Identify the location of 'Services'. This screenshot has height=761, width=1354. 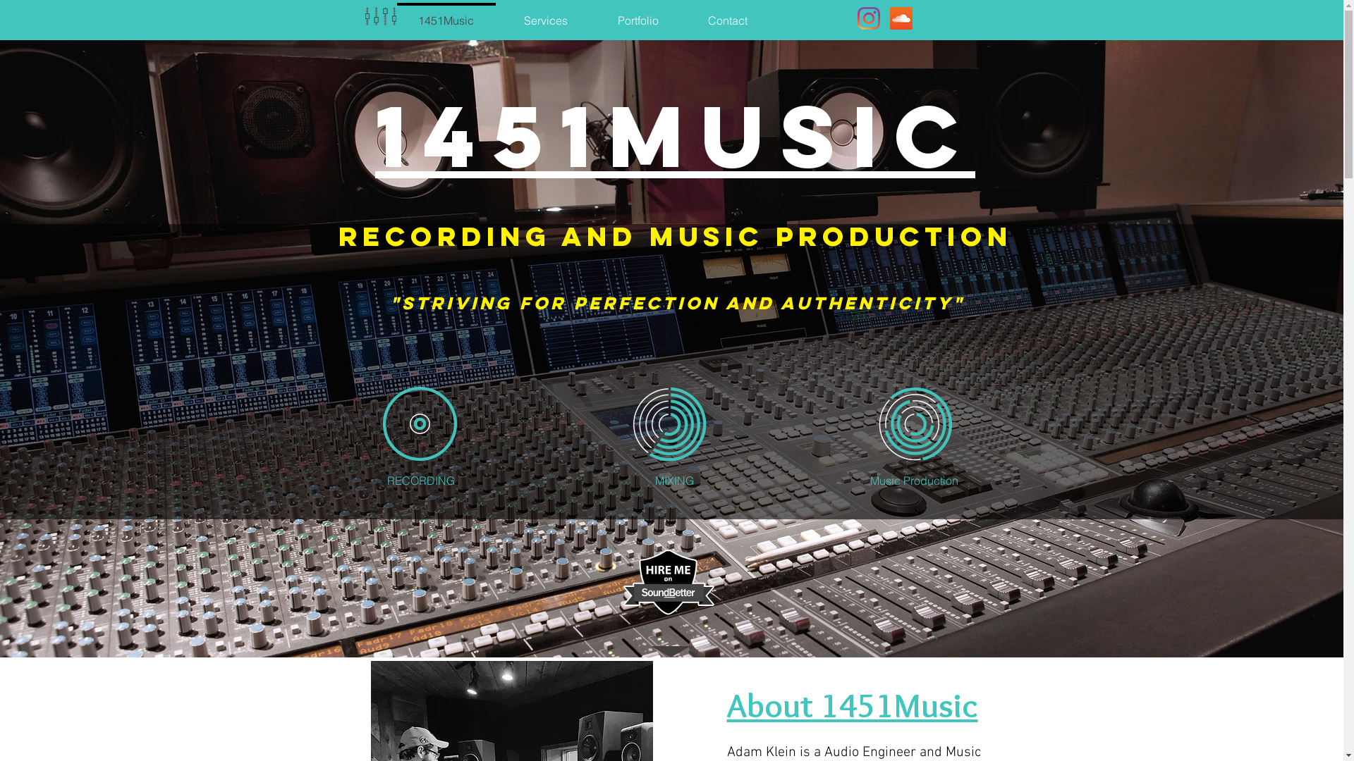
(545, 14).